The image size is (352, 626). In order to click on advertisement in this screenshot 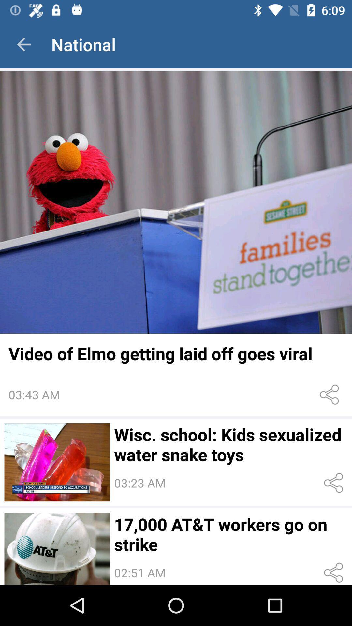, I will do `click(176, 202)`.